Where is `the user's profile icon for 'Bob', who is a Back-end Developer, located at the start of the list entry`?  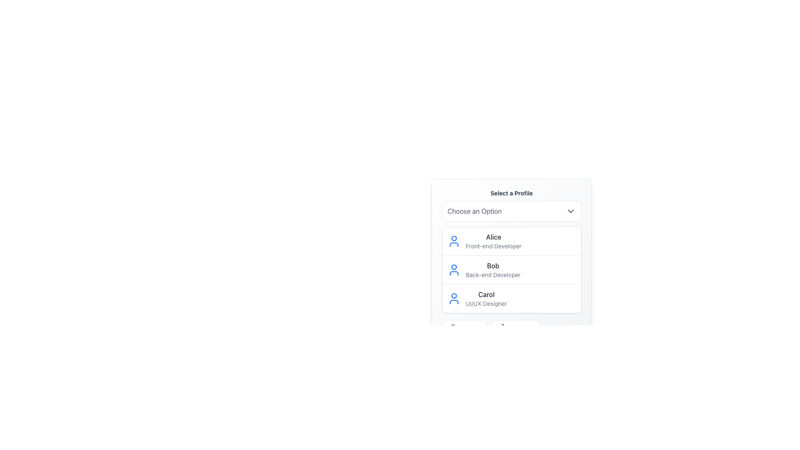 the user's profile icon for 'Bob', who is a Back-end Developer, located at the start of the list entry is located at coordinates (453, 270).